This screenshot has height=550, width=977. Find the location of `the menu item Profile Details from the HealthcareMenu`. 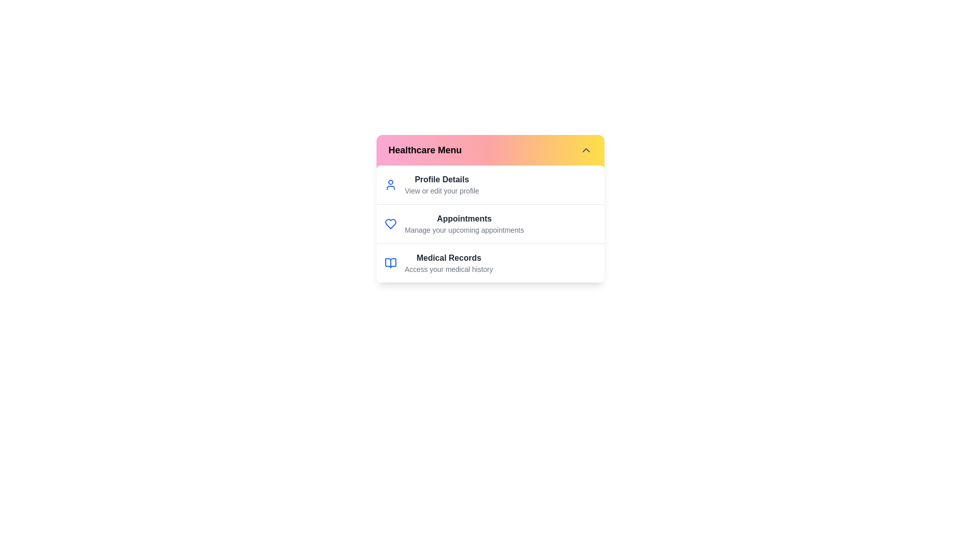

the menu item Profile Details from the HealthcareMenu is located at coordinates (442, 184).